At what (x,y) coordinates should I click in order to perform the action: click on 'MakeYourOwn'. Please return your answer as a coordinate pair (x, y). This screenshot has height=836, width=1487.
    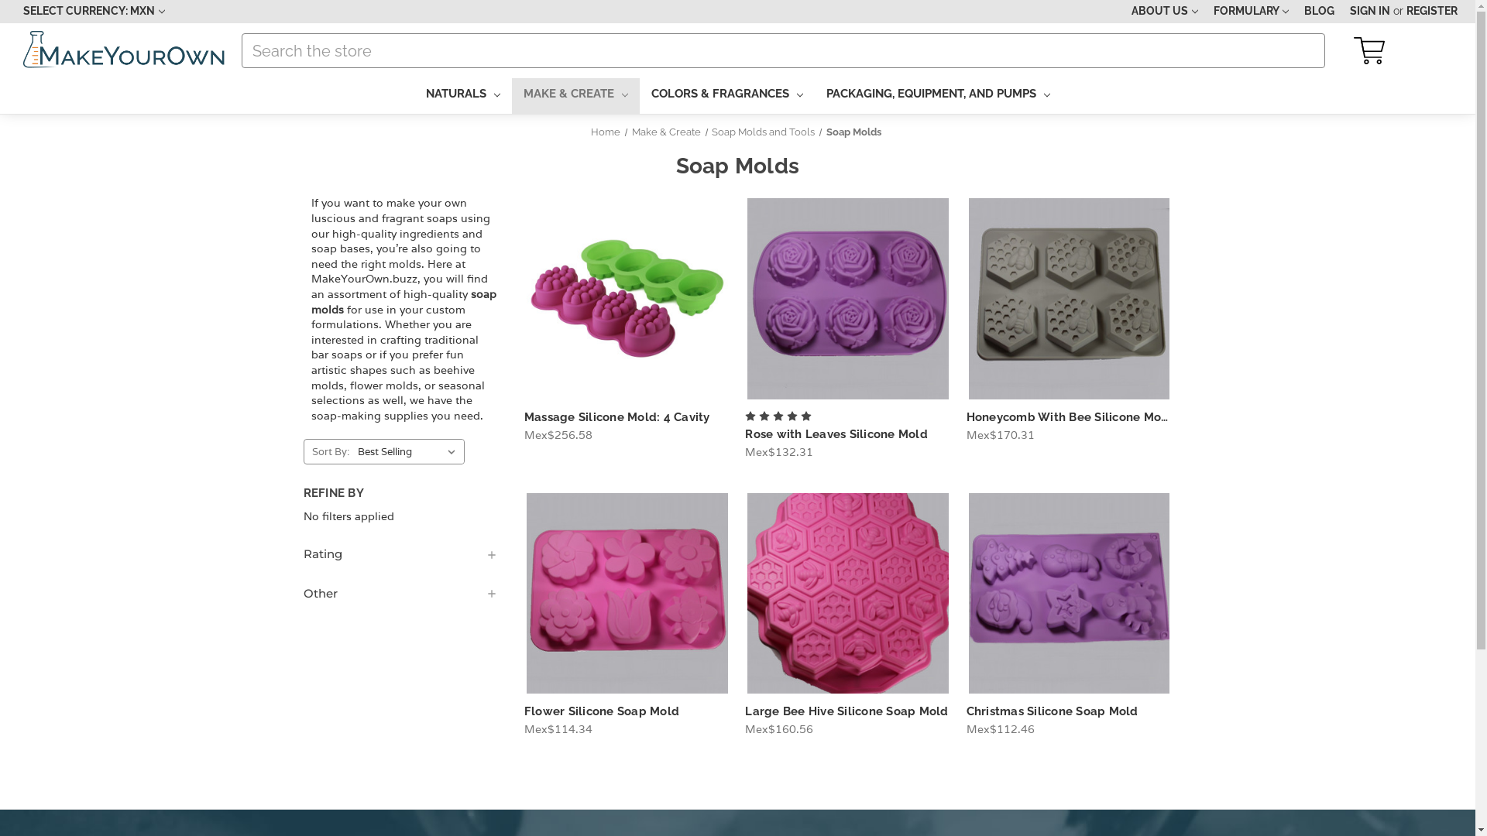
    Looking at the image, I should click on (125, 50).